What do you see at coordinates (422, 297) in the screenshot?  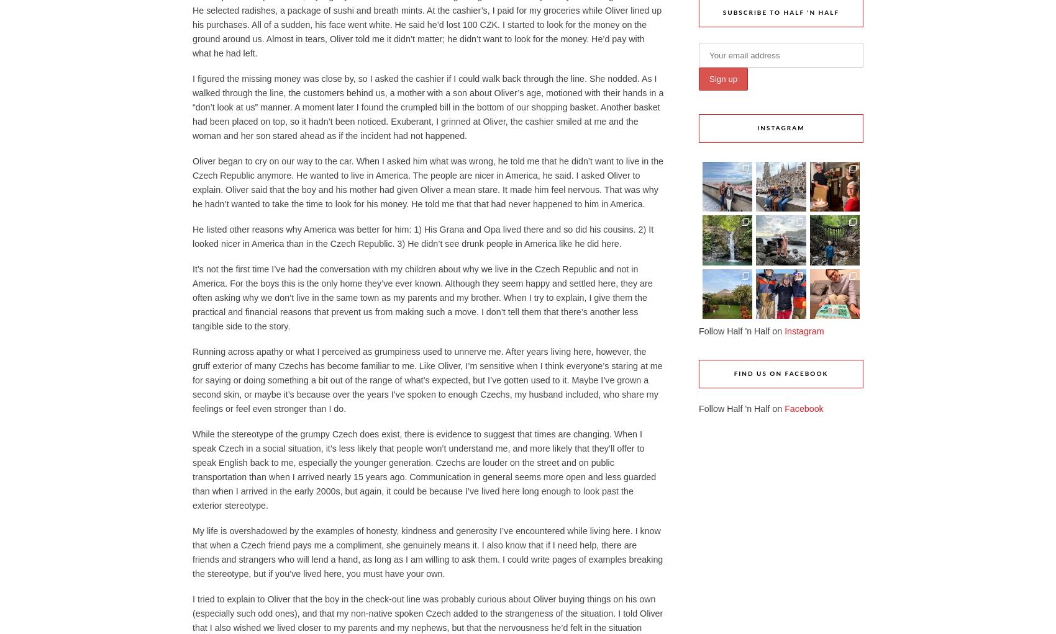 I see `'It’s not the first time I’ve had the conversation with my children about why we live in the Czech Republic and not in America. For the boys this is the only home they’ve ever known. Although they seem happy and settled here, they are often asking why we don’t live in the same town as my parents and my brother. When I try to explain, I give them the practical and financial reasons that prevent us from making such a move. I don’t tell them that there’s another less tangible side to the story.'` at bounding box center [422, 297].